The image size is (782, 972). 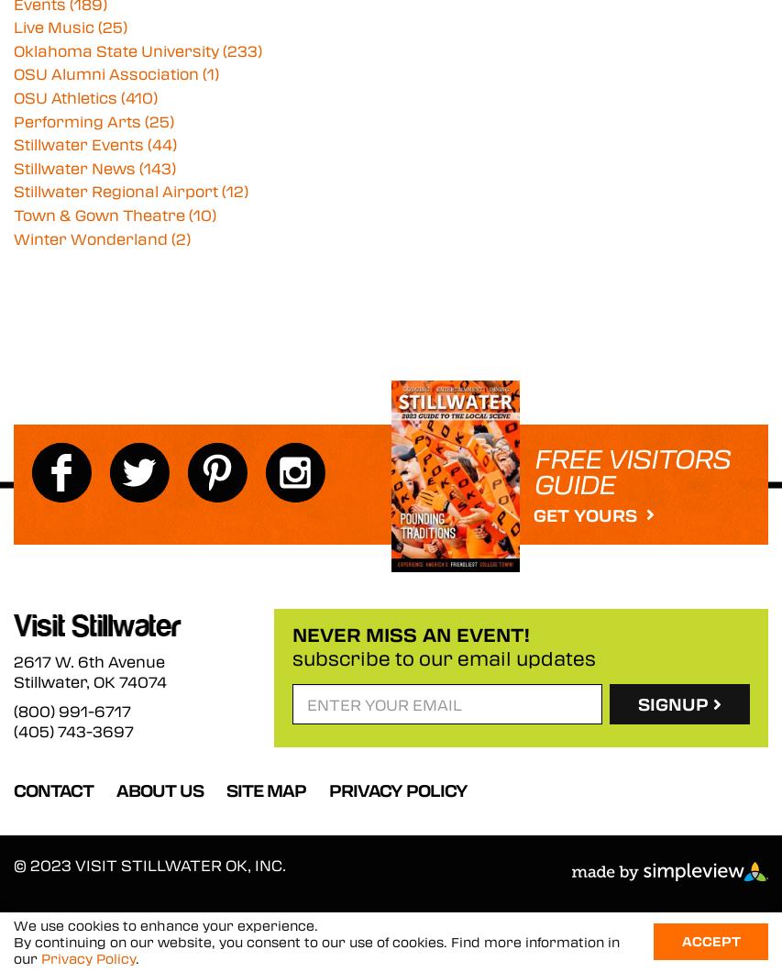 I want to click on 'Stillwater, OK 74074', so click(x=13, y=680).